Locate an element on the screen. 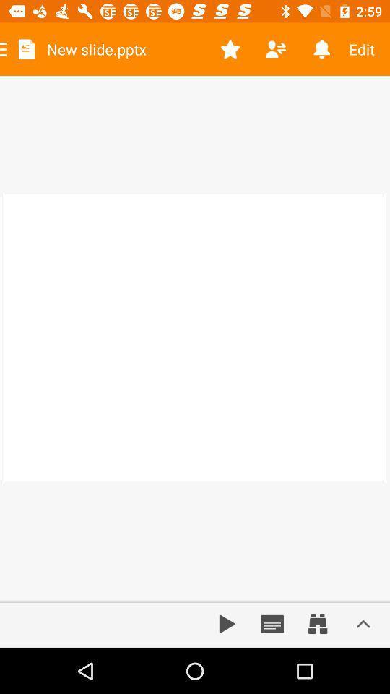 This screenshot has width=390, height=694. item at the center is located at coordinates (195, 338).